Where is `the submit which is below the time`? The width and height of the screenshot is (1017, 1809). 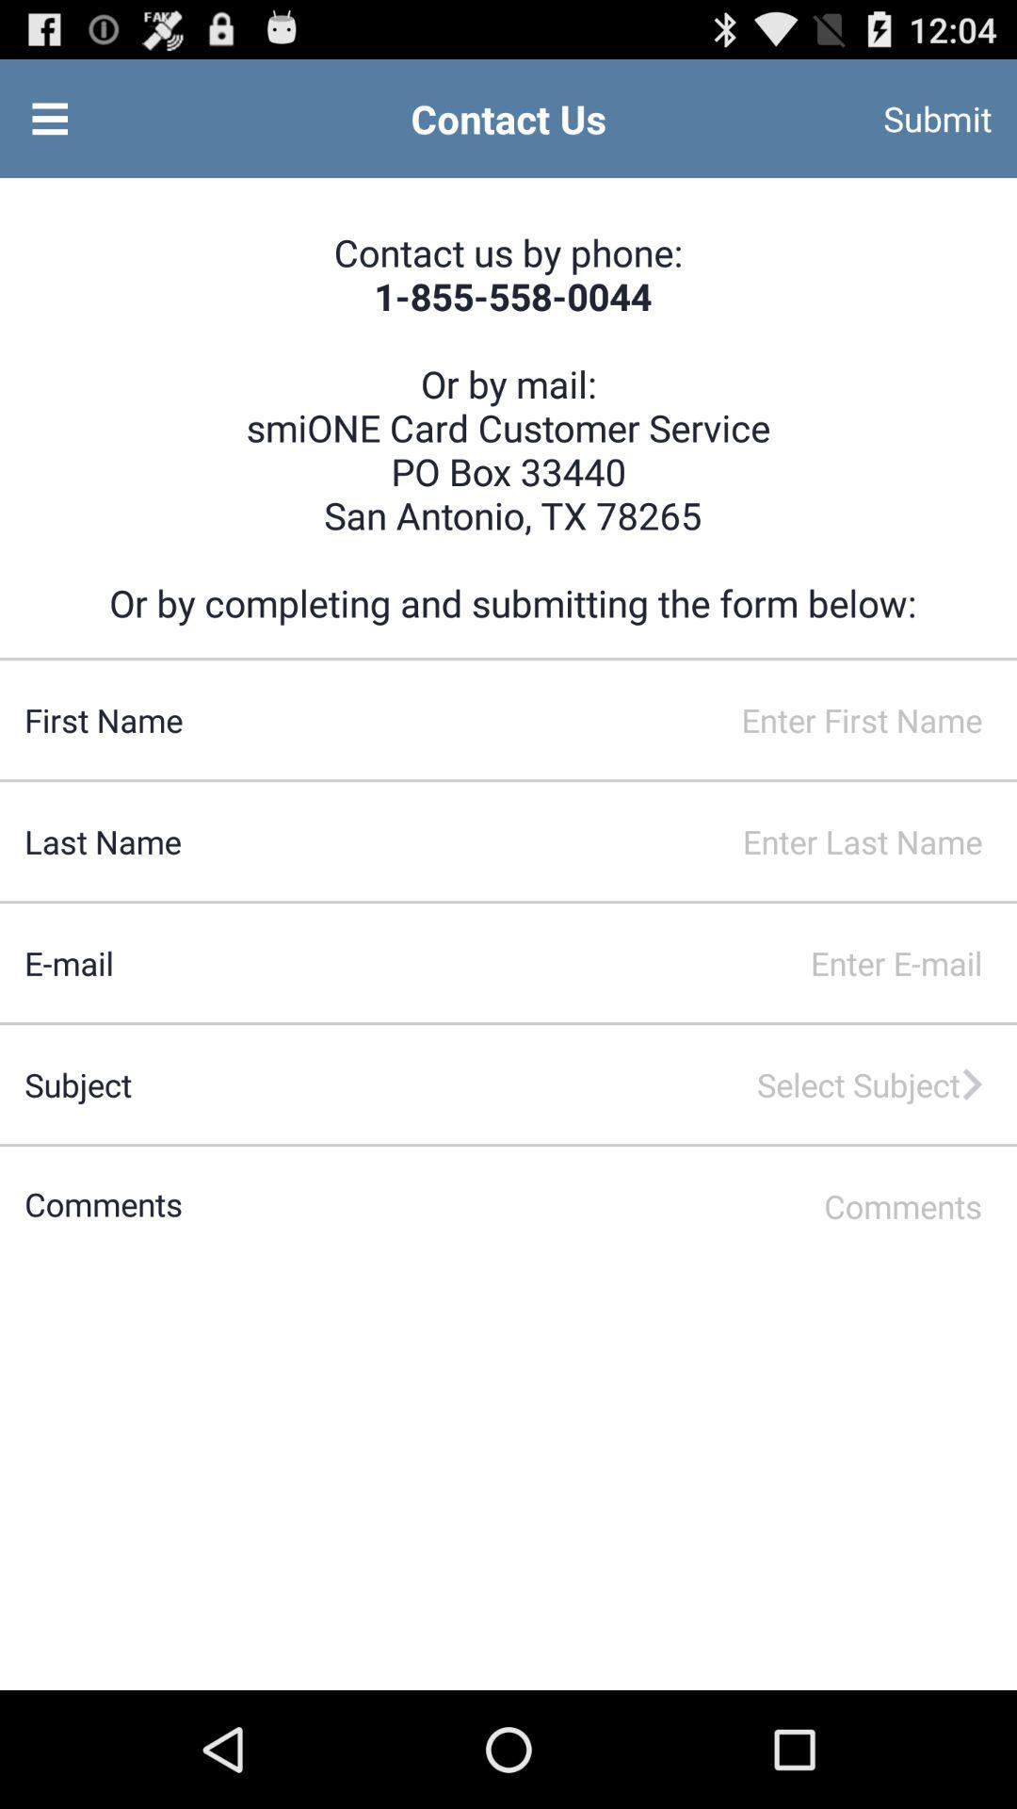
the submit which is below the time is located at coordinates (912, 117).